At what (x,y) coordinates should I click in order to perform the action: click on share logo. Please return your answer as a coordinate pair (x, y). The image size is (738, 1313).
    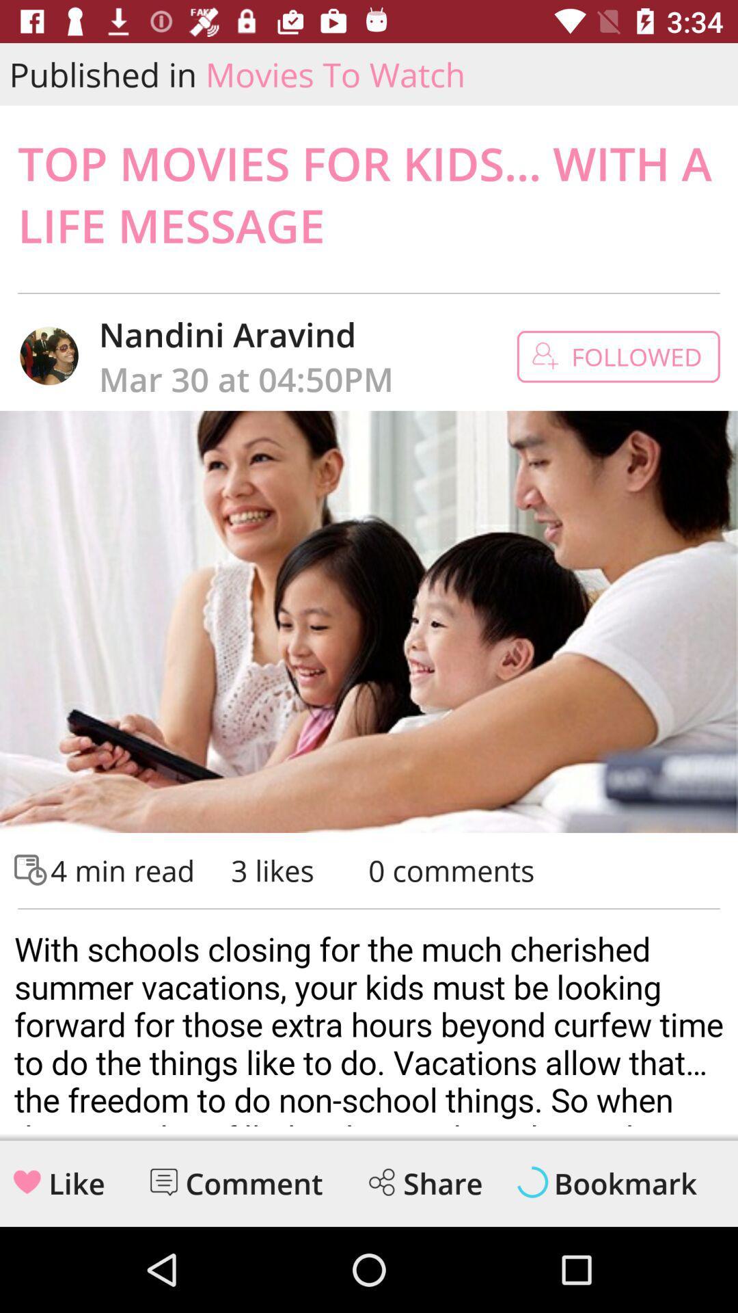
    Looking at the image, I should click on (381, 1181).